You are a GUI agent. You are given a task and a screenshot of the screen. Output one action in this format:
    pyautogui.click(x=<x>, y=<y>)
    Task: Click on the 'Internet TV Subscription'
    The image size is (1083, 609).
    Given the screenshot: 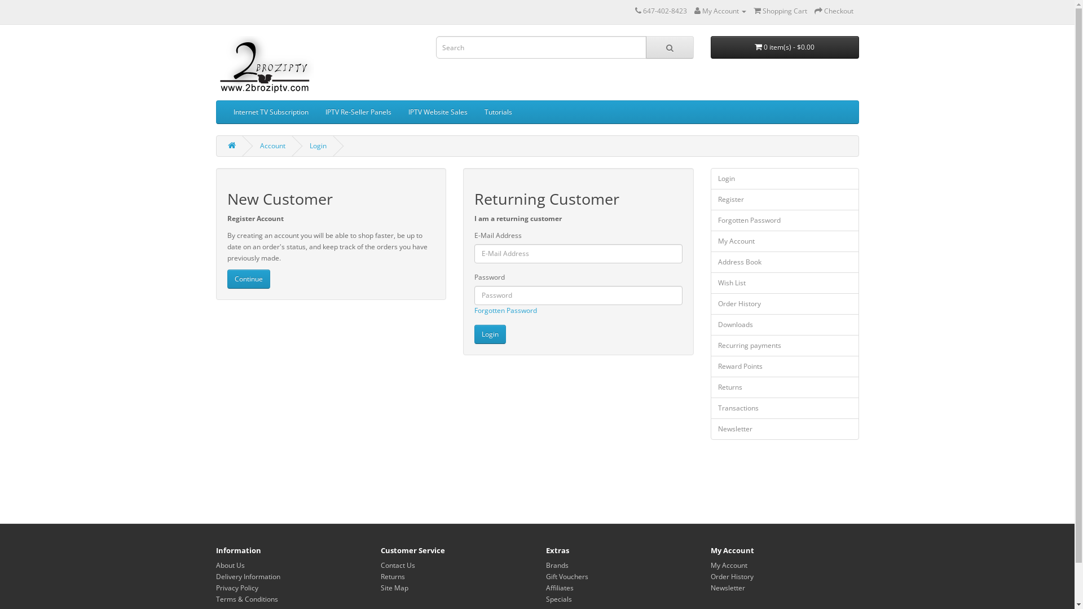 What is the action you would take?
    pyautogui.click(x=270, y=112)
    